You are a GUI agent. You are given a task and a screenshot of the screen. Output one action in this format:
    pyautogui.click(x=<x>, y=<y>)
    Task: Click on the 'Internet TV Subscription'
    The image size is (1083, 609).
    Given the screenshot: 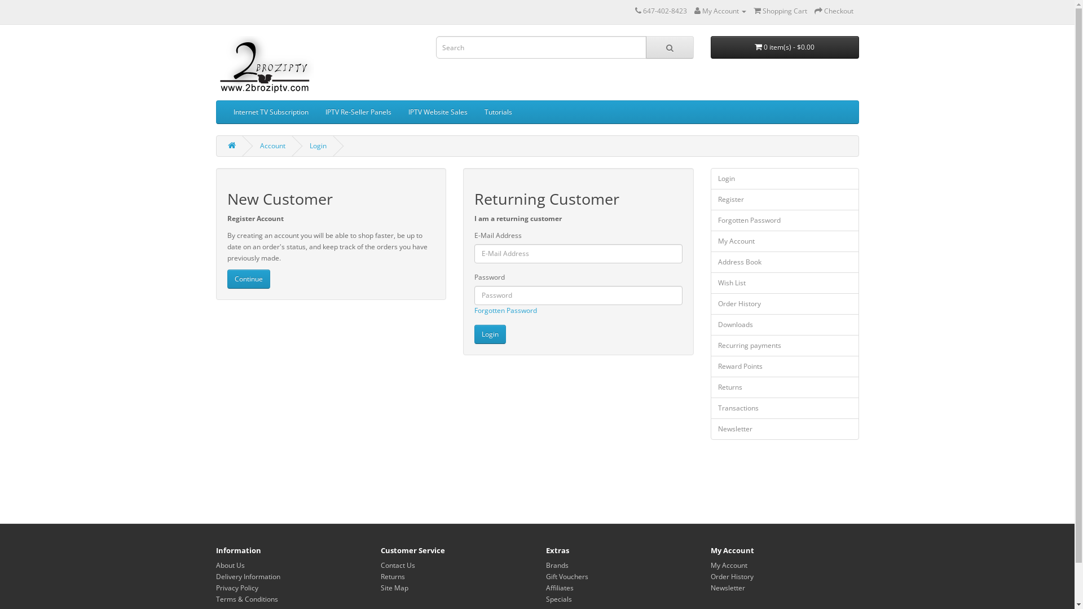 What is the action you would take?
    pyautogui.click(x=270, y=112)
    